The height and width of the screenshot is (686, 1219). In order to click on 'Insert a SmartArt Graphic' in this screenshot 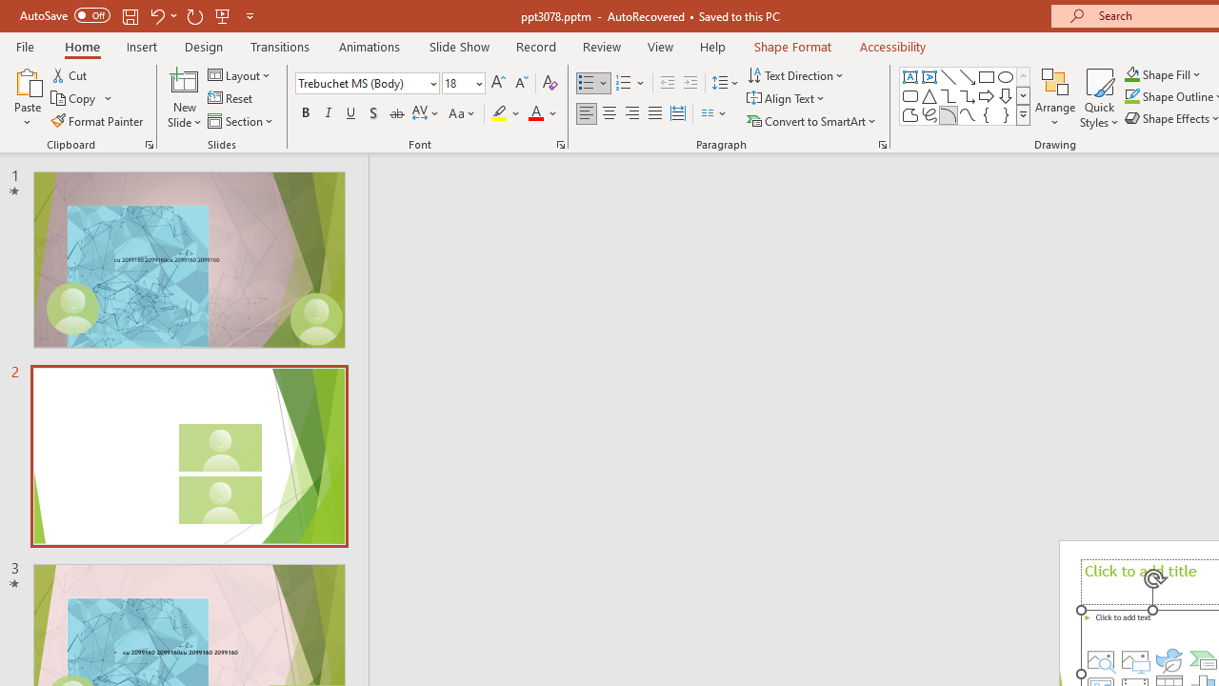, I will do `click(1203, 659)`.